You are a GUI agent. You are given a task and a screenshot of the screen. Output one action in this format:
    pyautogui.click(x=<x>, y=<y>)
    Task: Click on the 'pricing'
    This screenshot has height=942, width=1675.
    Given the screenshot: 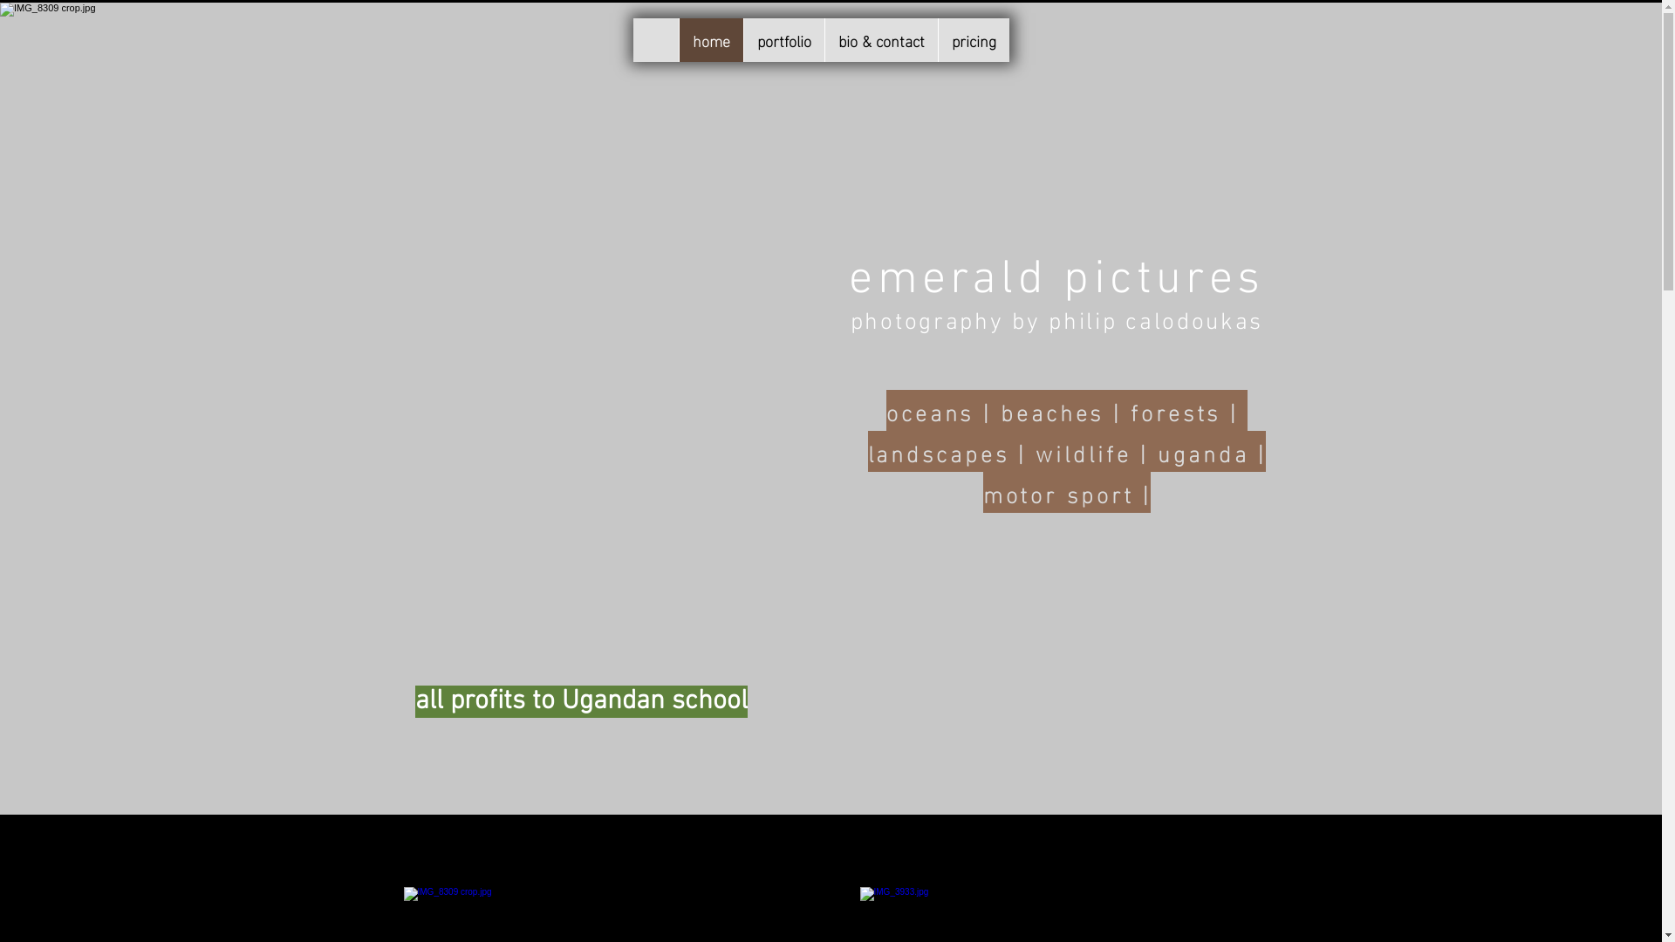 What is the action you would take?
    pyautogui.click(x=971, y=39)
    